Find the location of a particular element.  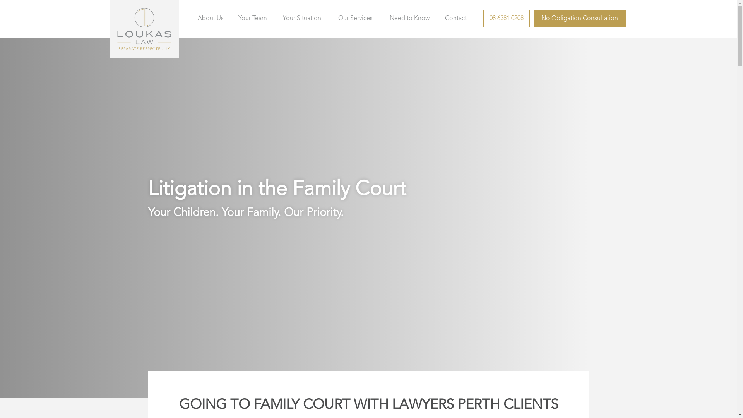

'Contact' is located at coordinates (455, 18).